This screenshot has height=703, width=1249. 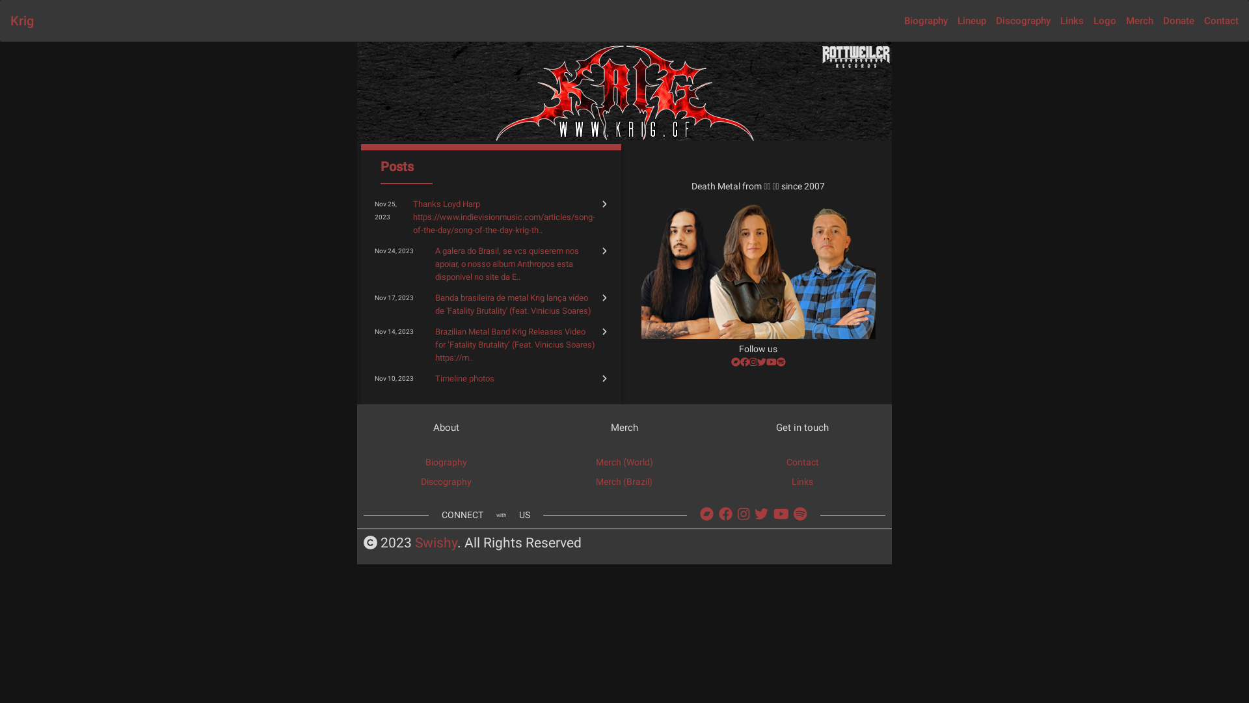 I want to click on 'Bandcamp', so click(x=706, y=514).